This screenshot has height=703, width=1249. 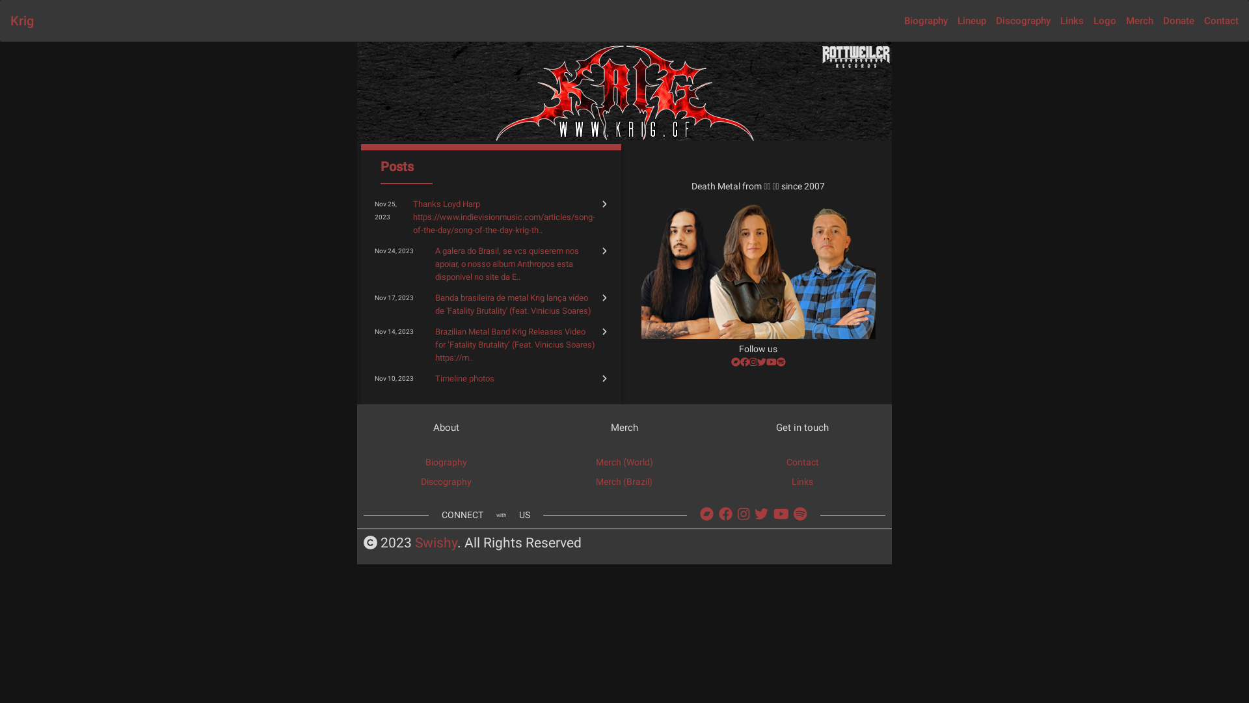 I want to click on 'Bandcamp', so click(x=706, y=514).